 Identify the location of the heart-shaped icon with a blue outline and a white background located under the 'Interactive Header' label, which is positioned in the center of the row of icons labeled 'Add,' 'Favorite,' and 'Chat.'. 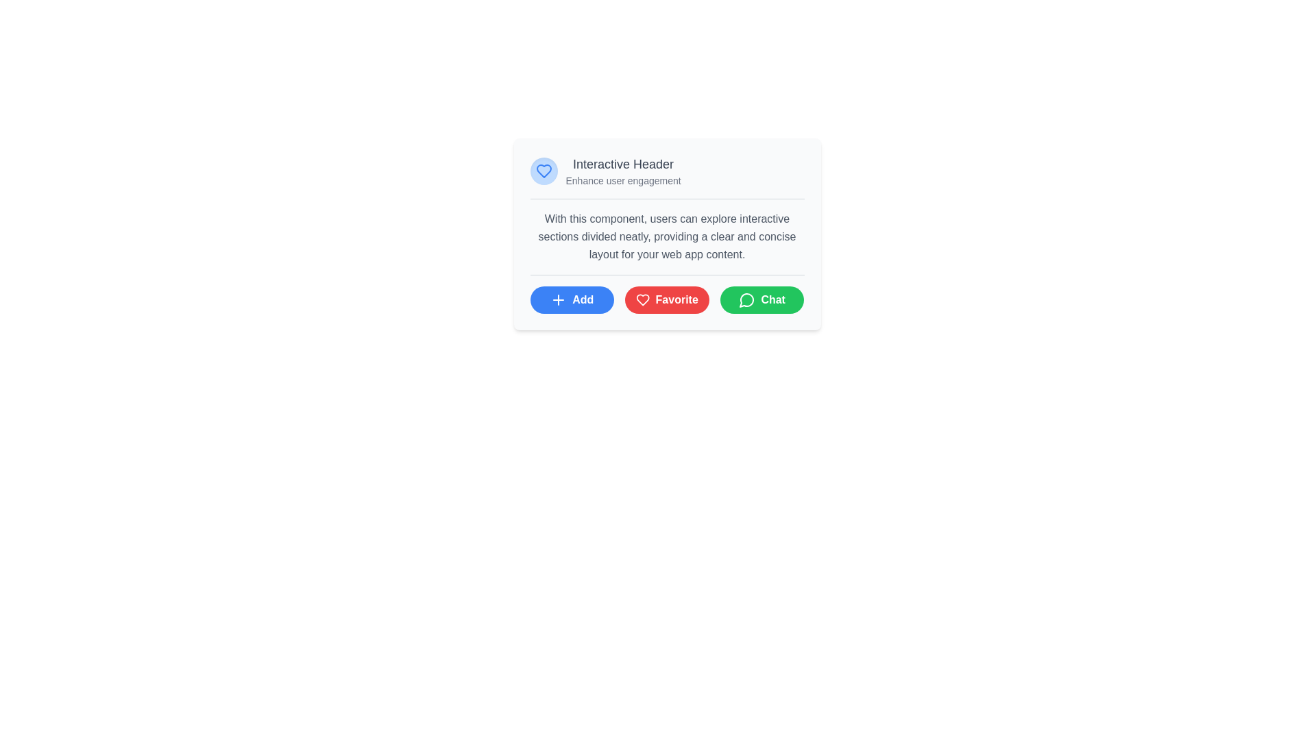
(543, 171).